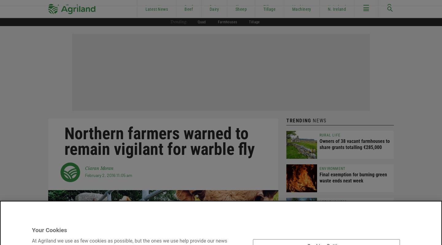 Image resolution: width=442 pixels, height=245 pixels. Describe the element at coordinates (99, 168) in the screenshot. I see `'Ciaran Moran'` at that location.